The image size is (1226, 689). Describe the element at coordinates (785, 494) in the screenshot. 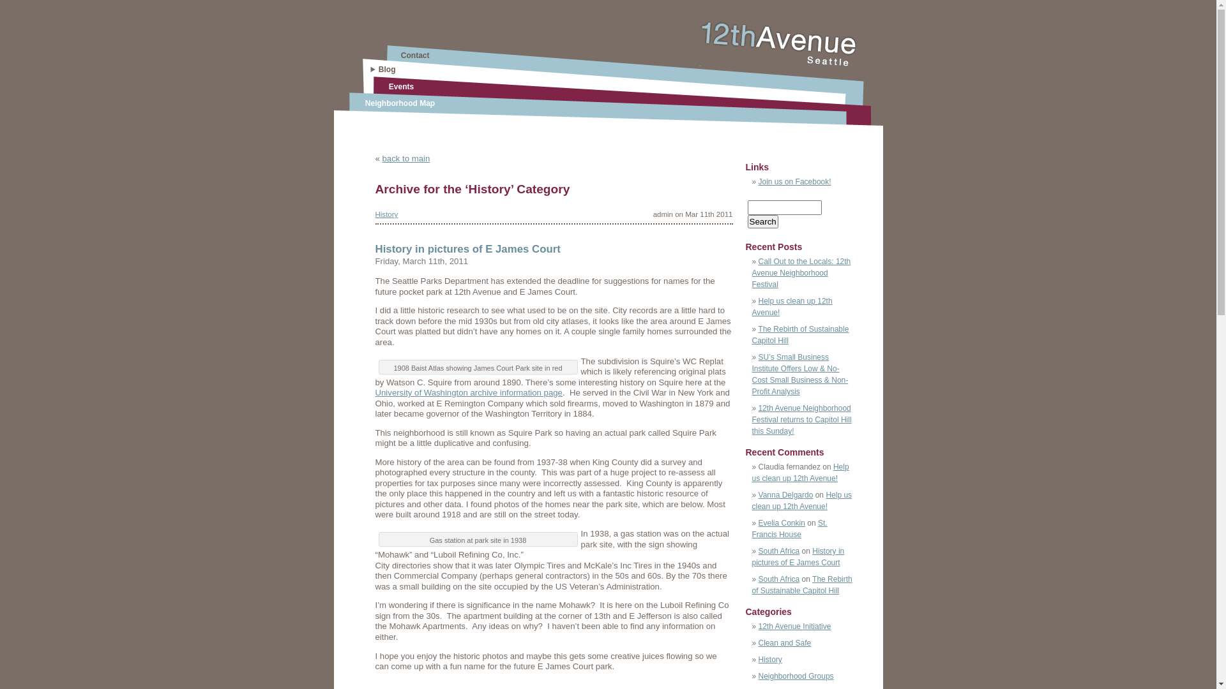

I see `'Vanna Delgardo'` at that location.